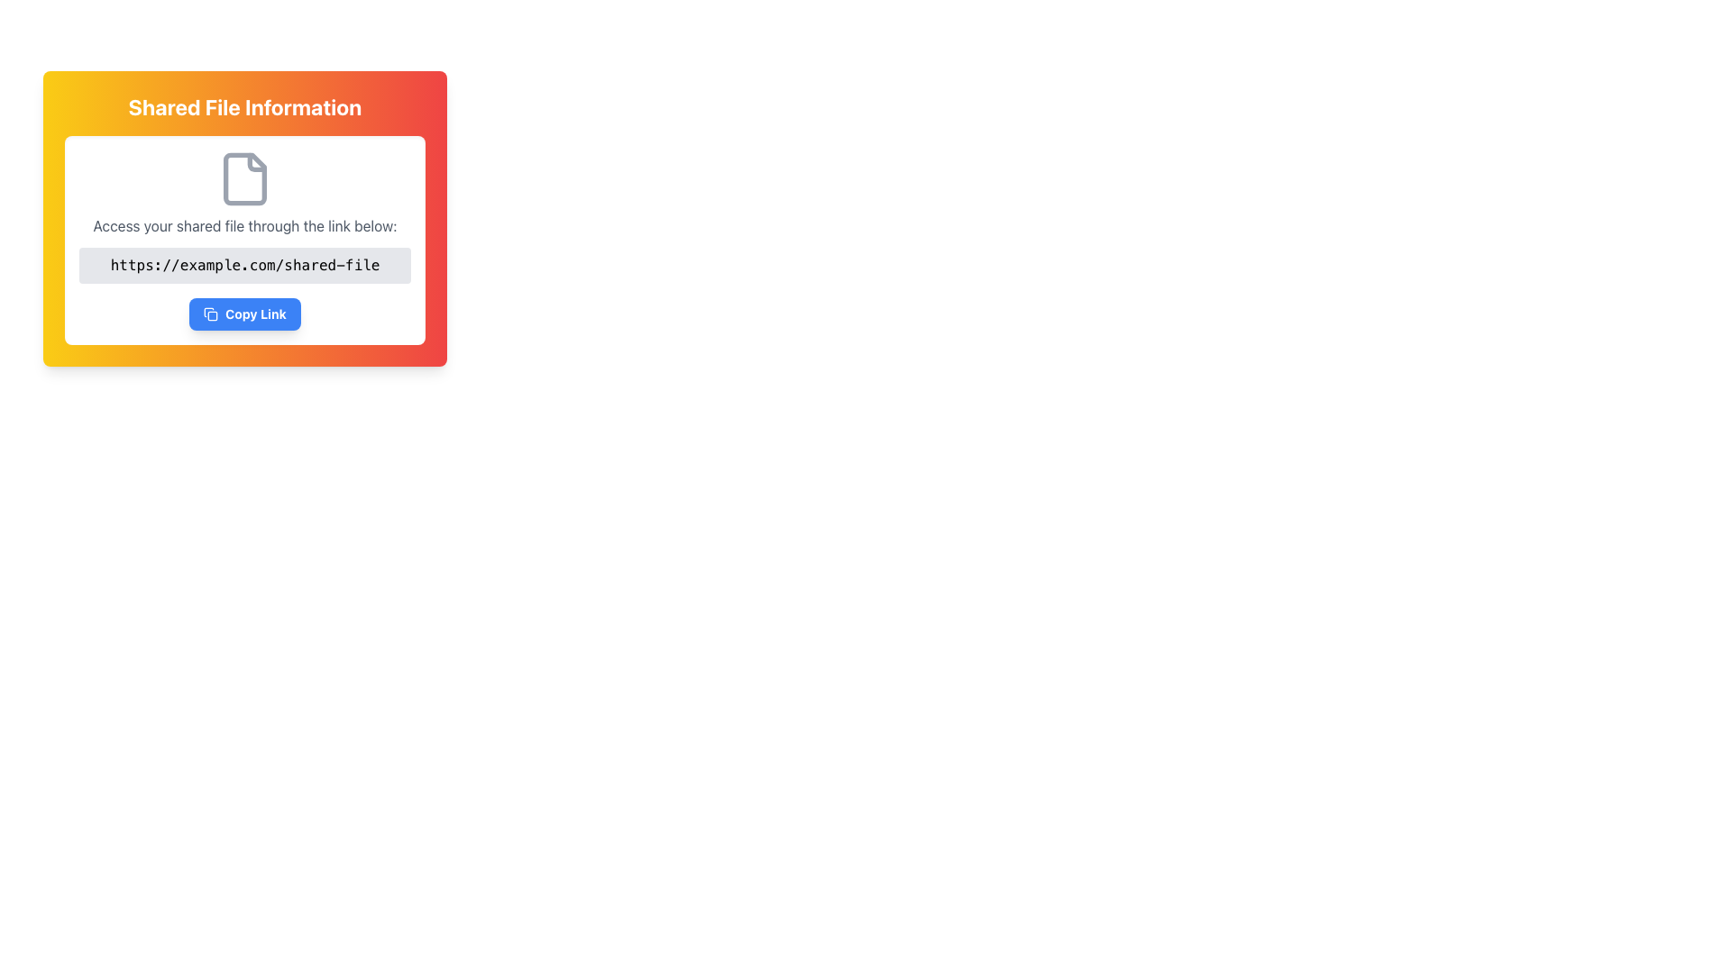 The width and height of the screenshot is (1731, 973). Describe the element at coordinates (244, 313) in the screenshot. I see `the button located below the text 'https://example.com/shared-file' to copy the associated shared link to the clipboard` at that location.